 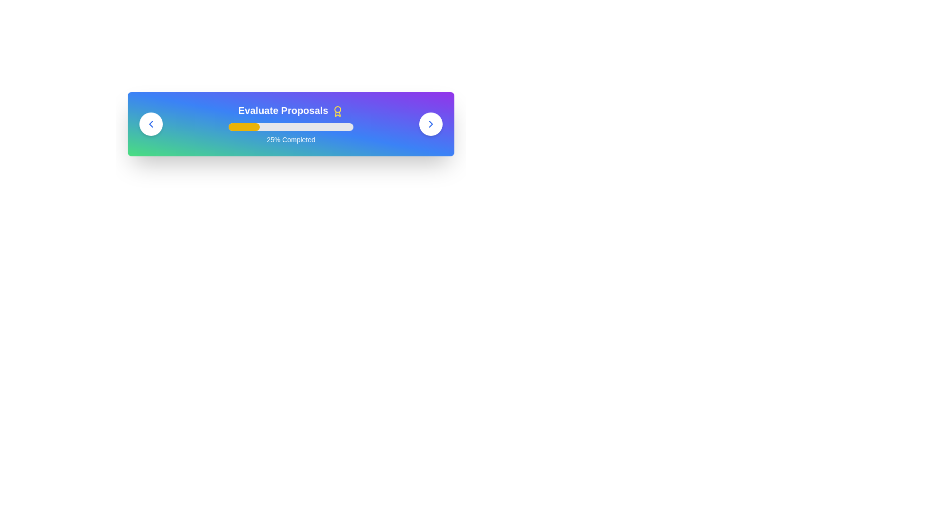 What do you see at coordinates (290, 123) in the screenshot?
I see `layout of the Progress Indicator with Text Information that displays 'Evaluate Proposals 25% Completed.'` at bounding box center [290, 123].